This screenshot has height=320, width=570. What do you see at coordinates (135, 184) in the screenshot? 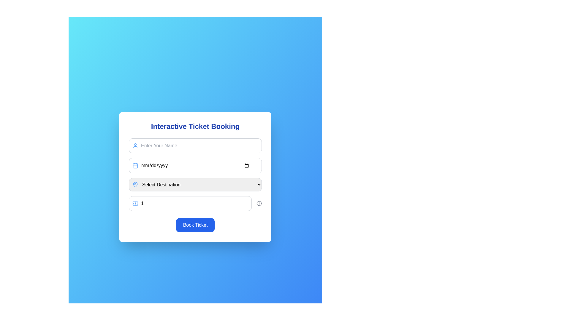
I see `the map pin icon with a blue outer layer located inside the dropdown field for selecting a destination, positioned immediately to the left of the text content` at bounding box center [135, 184].